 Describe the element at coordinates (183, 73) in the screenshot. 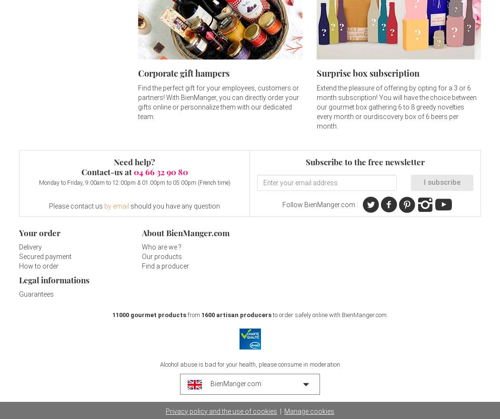

I see `'Corporate gift hampers'` at that location.